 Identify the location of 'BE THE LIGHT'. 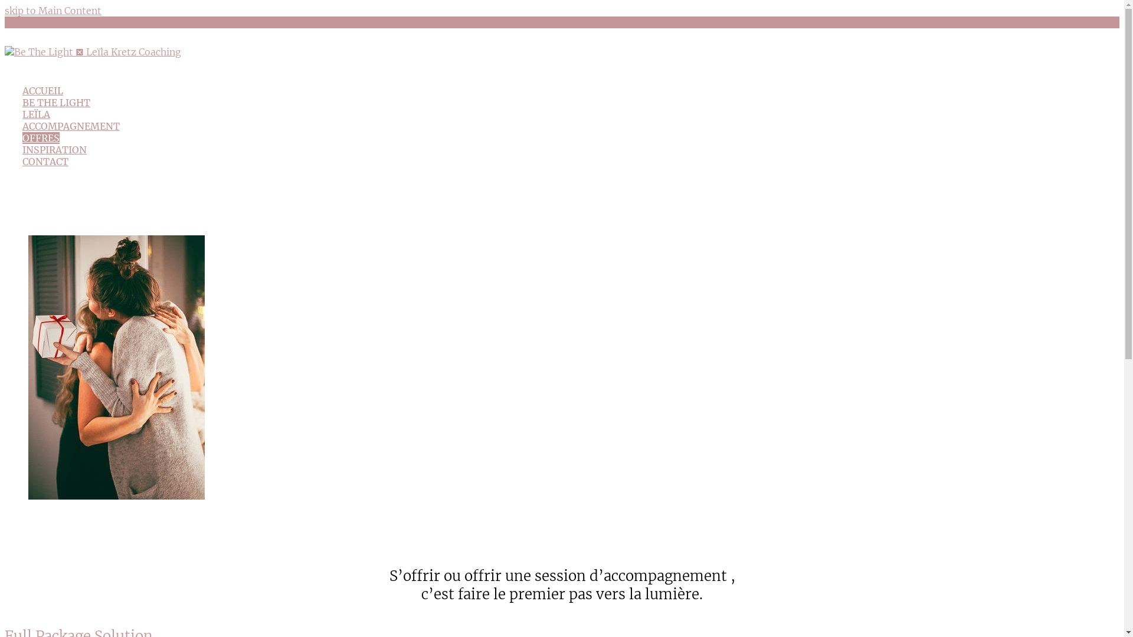
(22, 101).